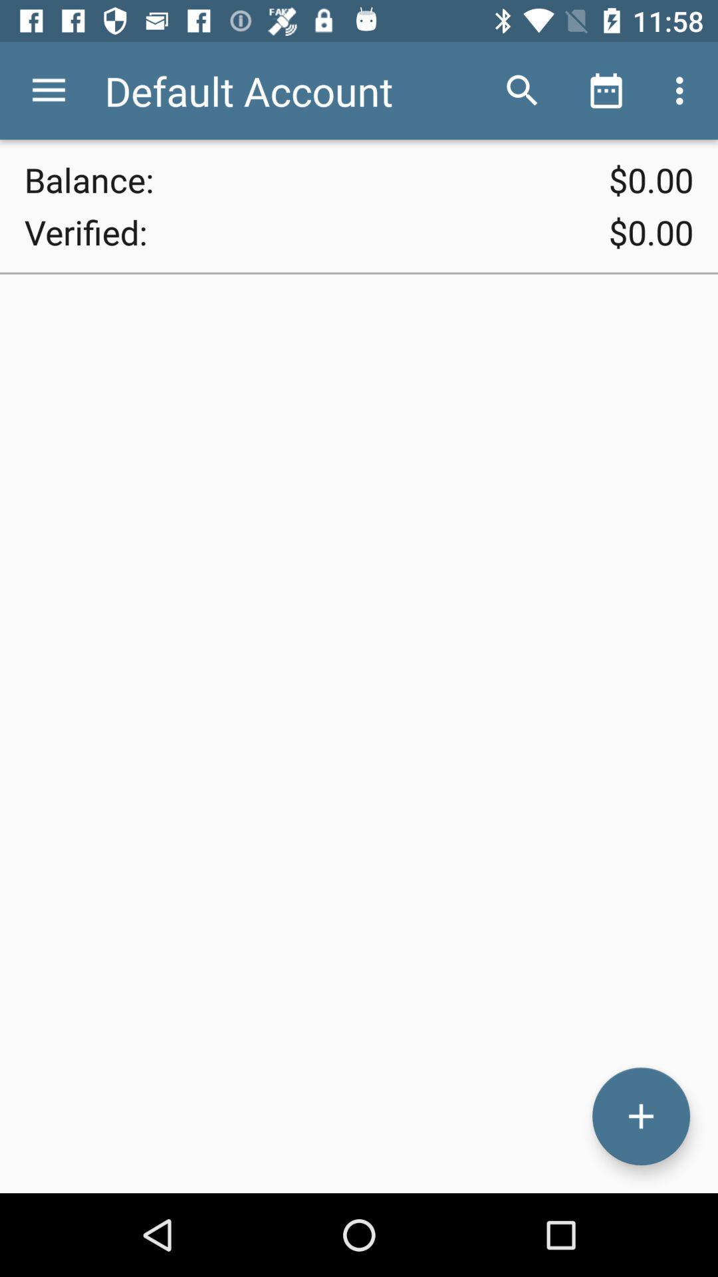  Describe the element at coordinates (359, 733) in the screenshot. I see `item at the center` at that location.